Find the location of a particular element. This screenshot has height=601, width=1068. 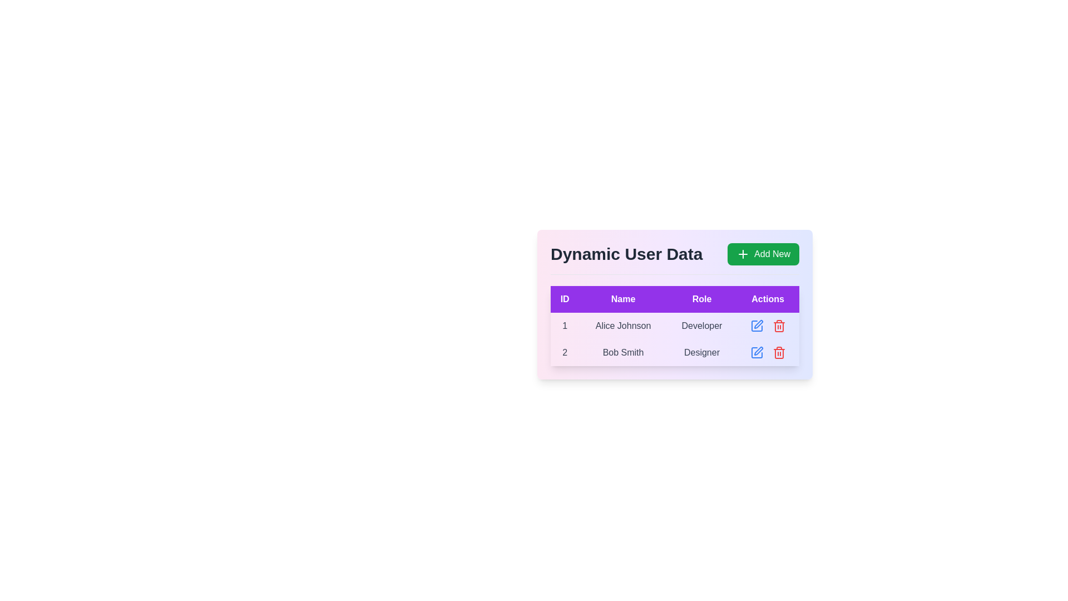

label 'Actions' from the header cell, which is the fourth column in a row of headers with a purple background and white bold text is located at coordinates (767, 298).